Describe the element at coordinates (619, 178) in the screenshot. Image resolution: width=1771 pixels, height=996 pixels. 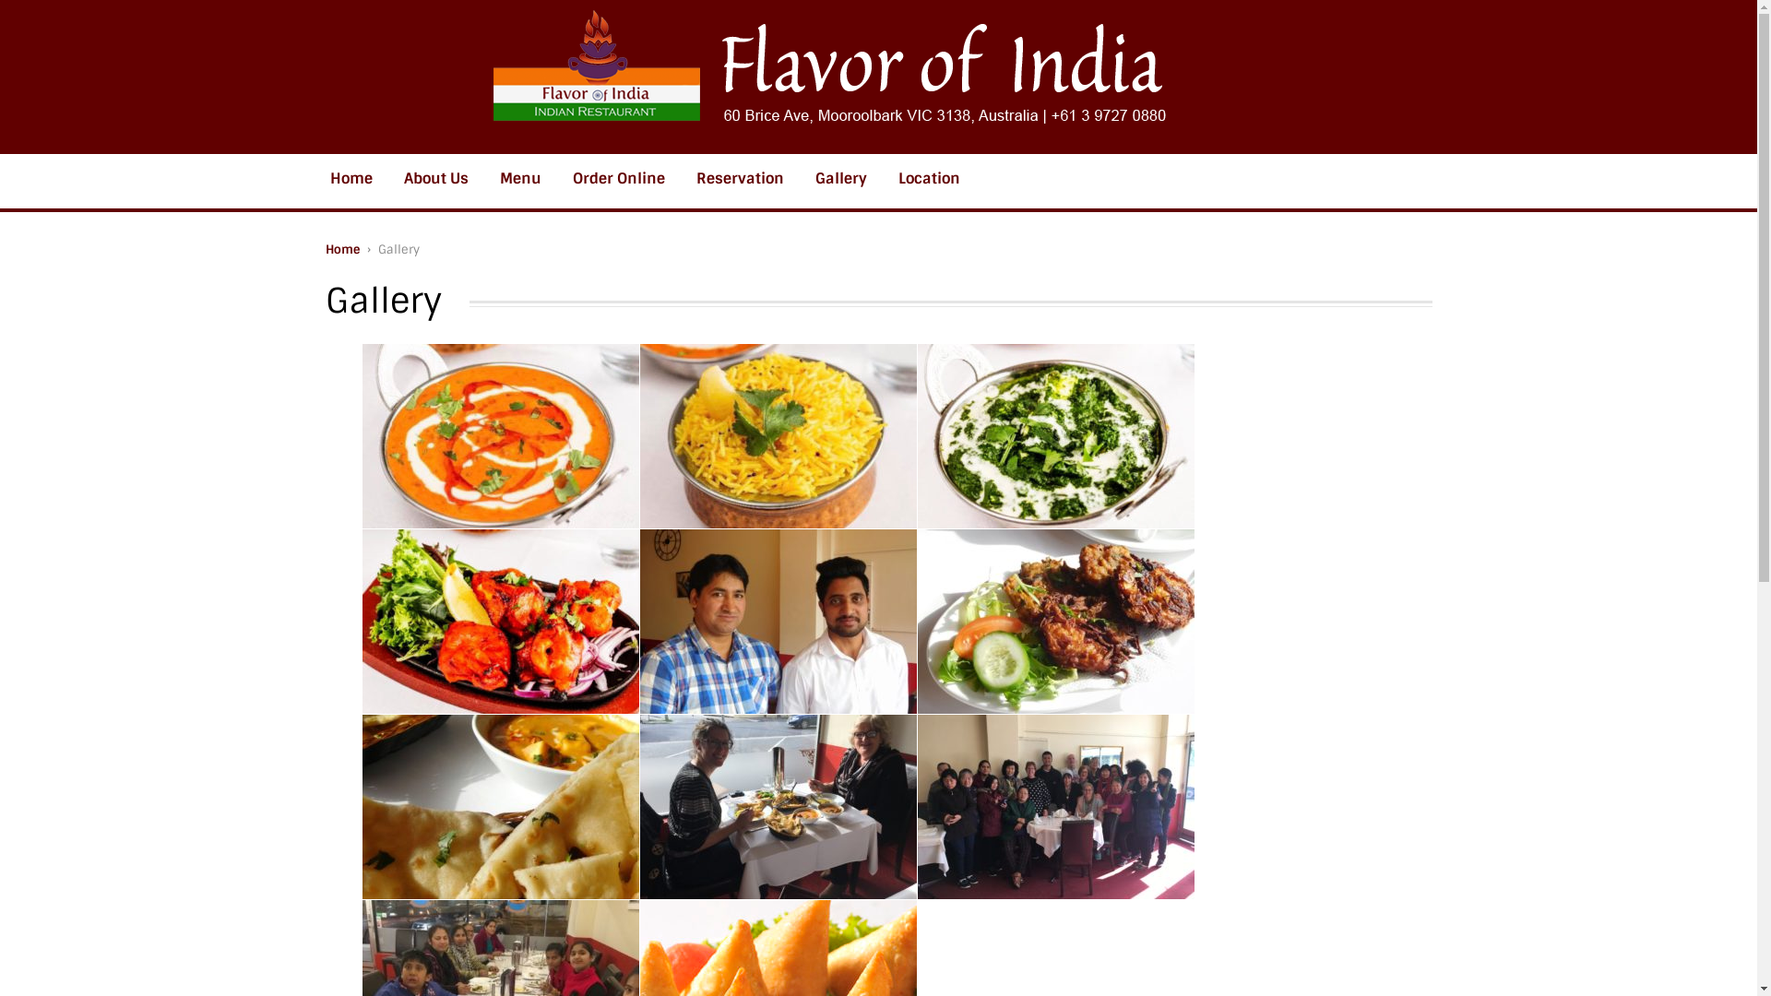
I see `'Order Online'` at that location.